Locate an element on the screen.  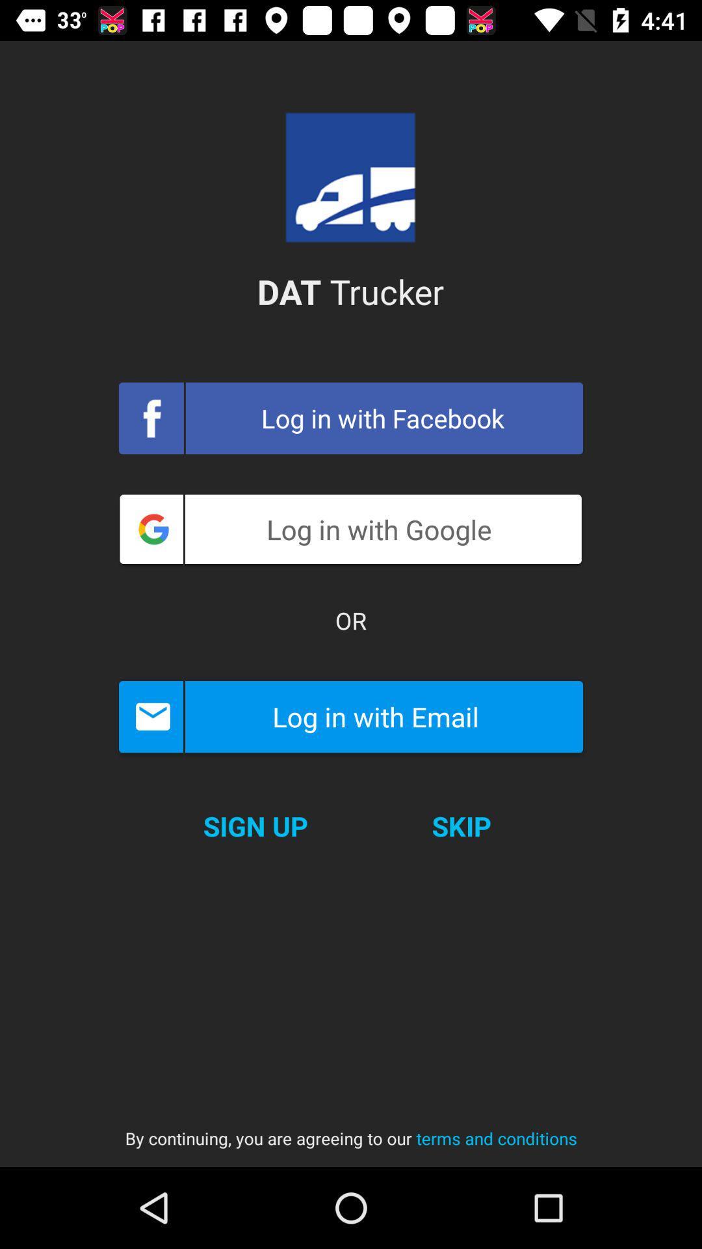
item to the right of sign up icon is located at coordinates (461, 826).